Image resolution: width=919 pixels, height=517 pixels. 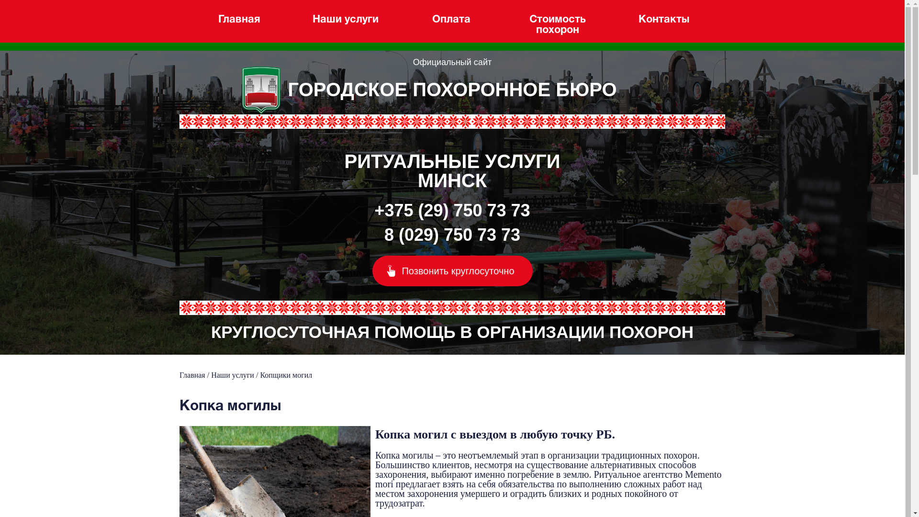 I want to click on '8 (029) 750 73 73', so click(x=452, y=235).